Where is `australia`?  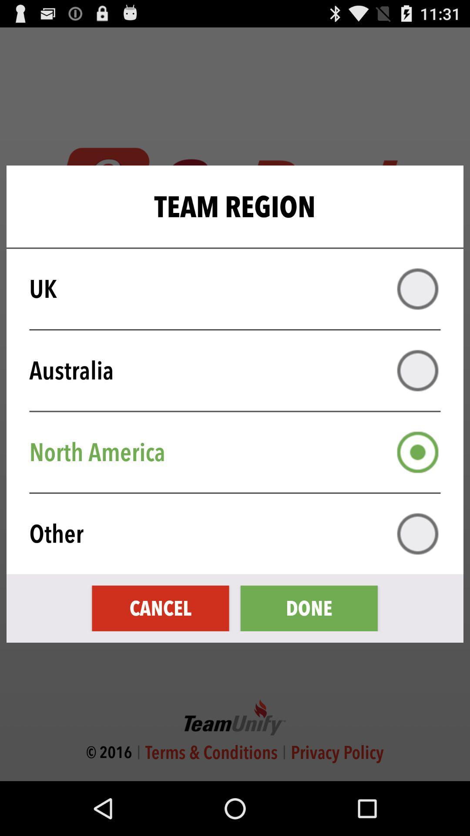
australia is located at coordinates (417, 371).